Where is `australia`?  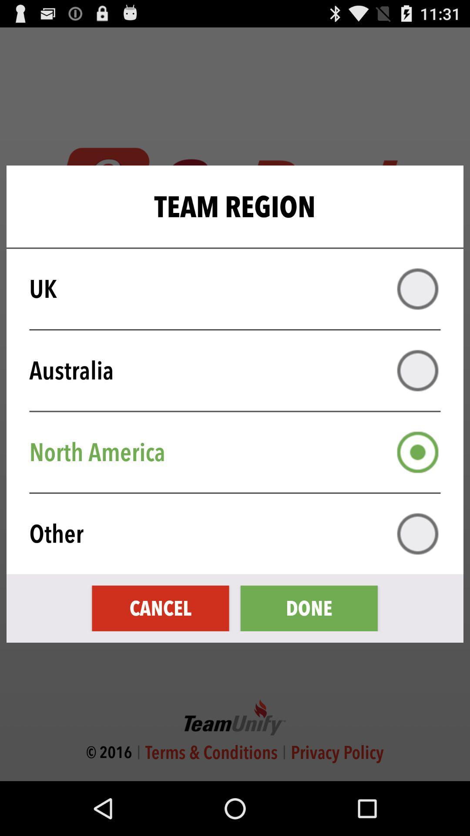
australia is located at coordinates (417, 371).